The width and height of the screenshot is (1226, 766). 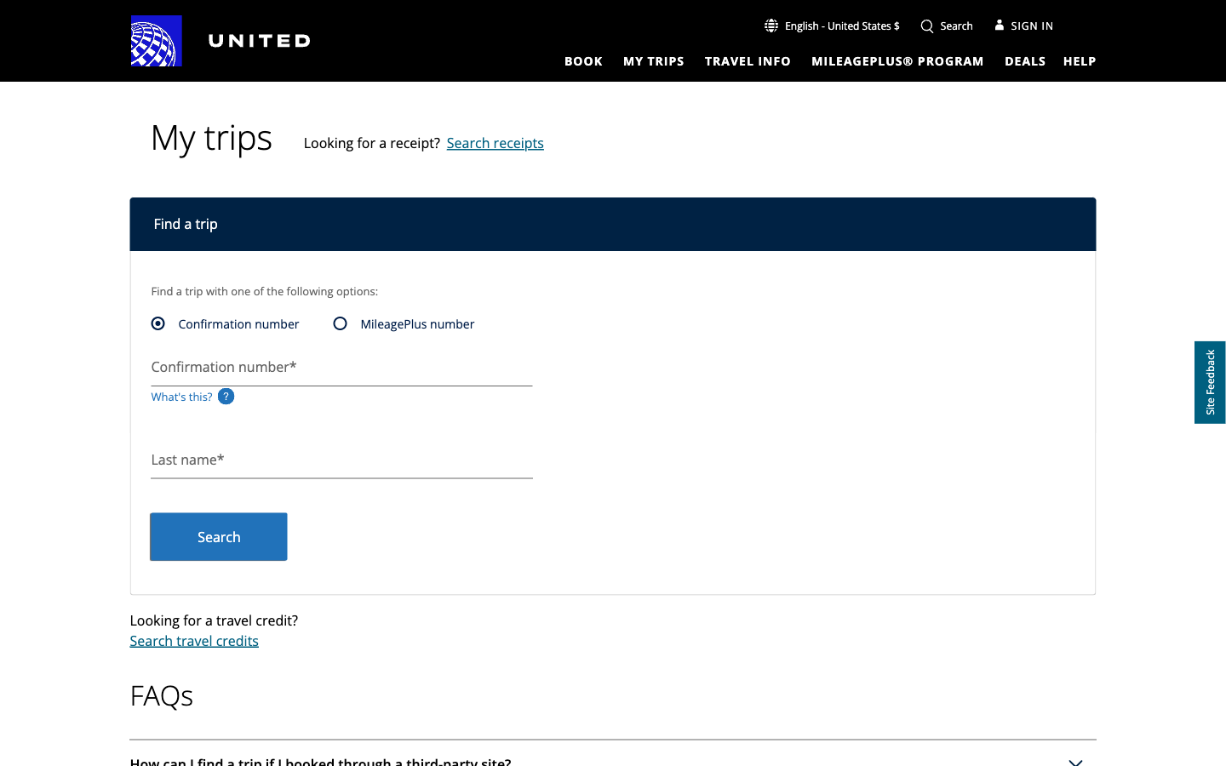 I want to click on If the meaning of confirmation button is not clear, find assistance by clicking on the help button, so click(x=1080, y=60).